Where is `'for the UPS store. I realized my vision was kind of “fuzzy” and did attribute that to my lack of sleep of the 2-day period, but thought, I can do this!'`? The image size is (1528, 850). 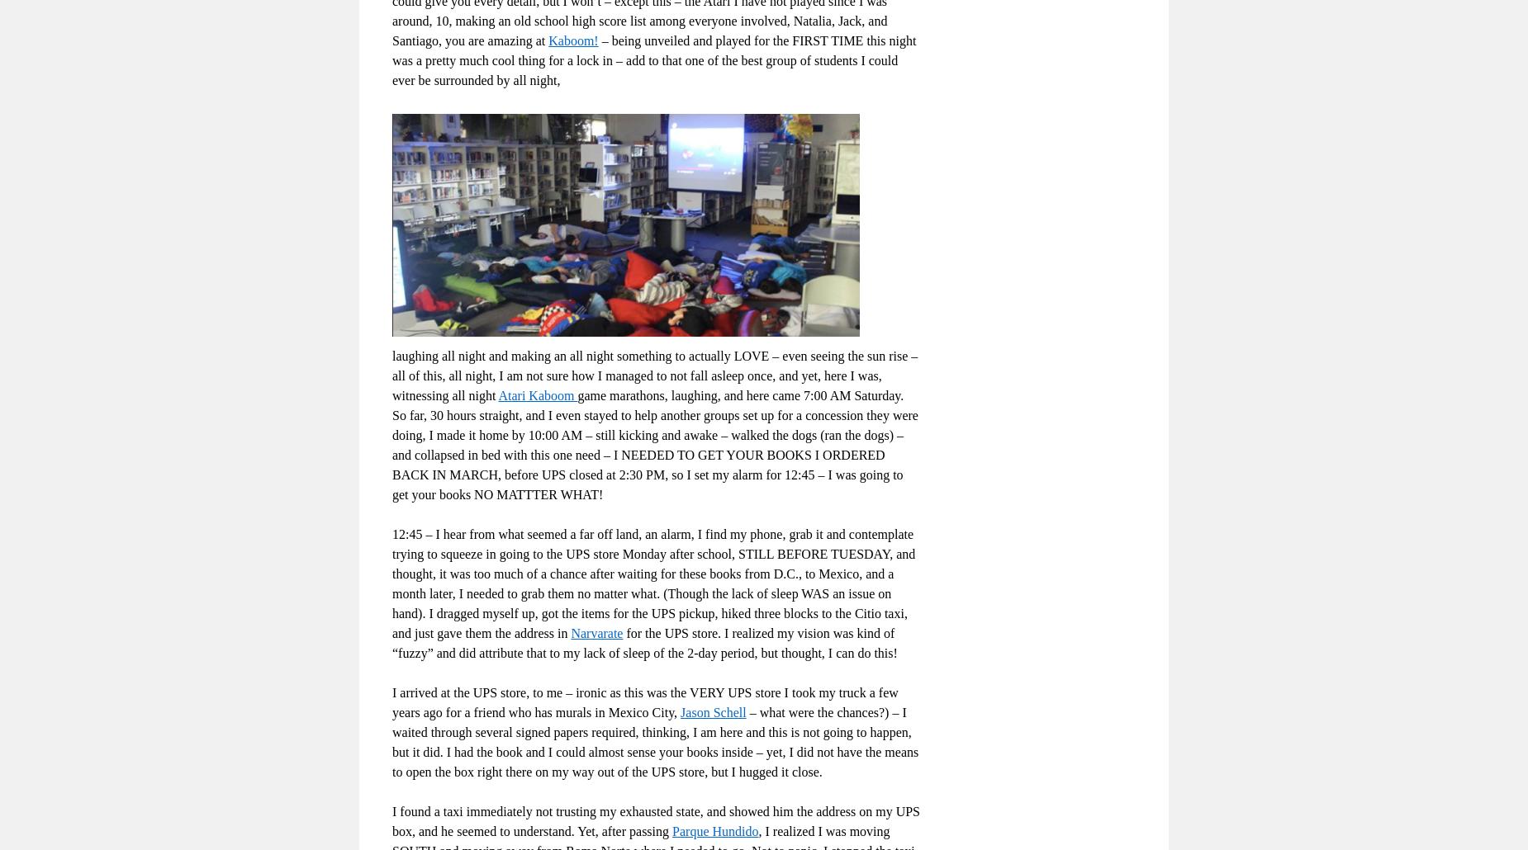
'for the UPS store. I realized my vision was kind of “fuzzy” and did attribute that to my lack of sleep of the 2-day period, but thought, I can do this!' is located at coordinates (392, 641).